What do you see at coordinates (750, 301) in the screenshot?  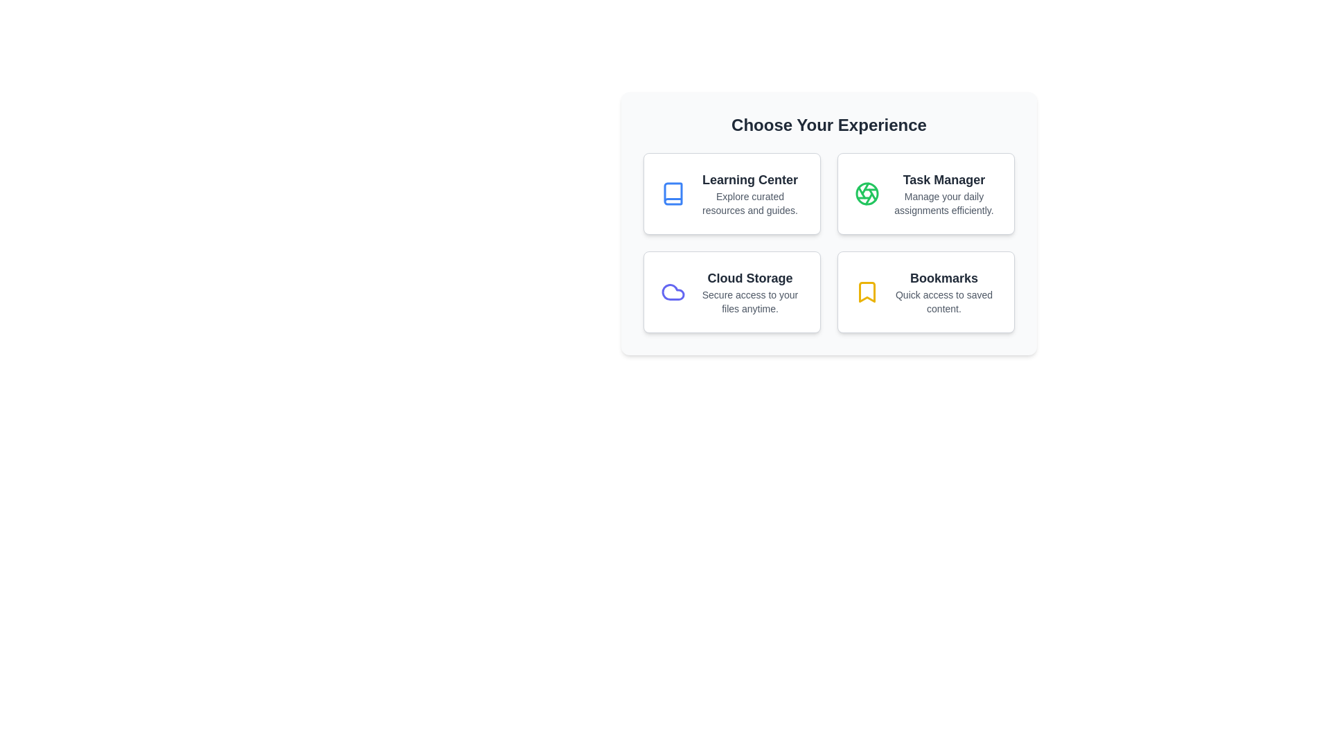 I see `the text block that states 'Secure access to your files anytime.' which is styled with smaller grey font and positioned beneath the 'Cloud Storage' heading` at bounding box center [750, 301].